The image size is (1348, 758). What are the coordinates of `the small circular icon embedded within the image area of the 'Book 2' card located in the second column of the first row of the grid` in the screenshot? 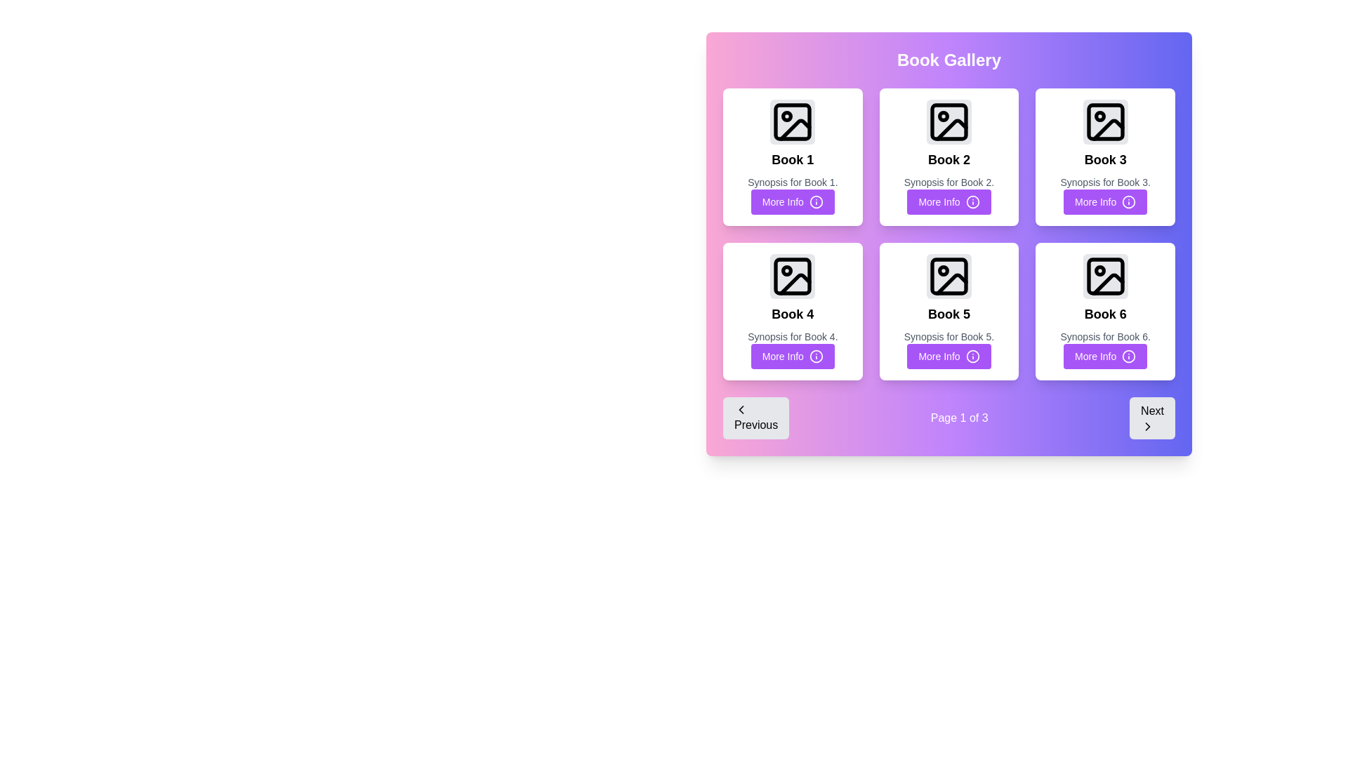 It's located at (944, 115).